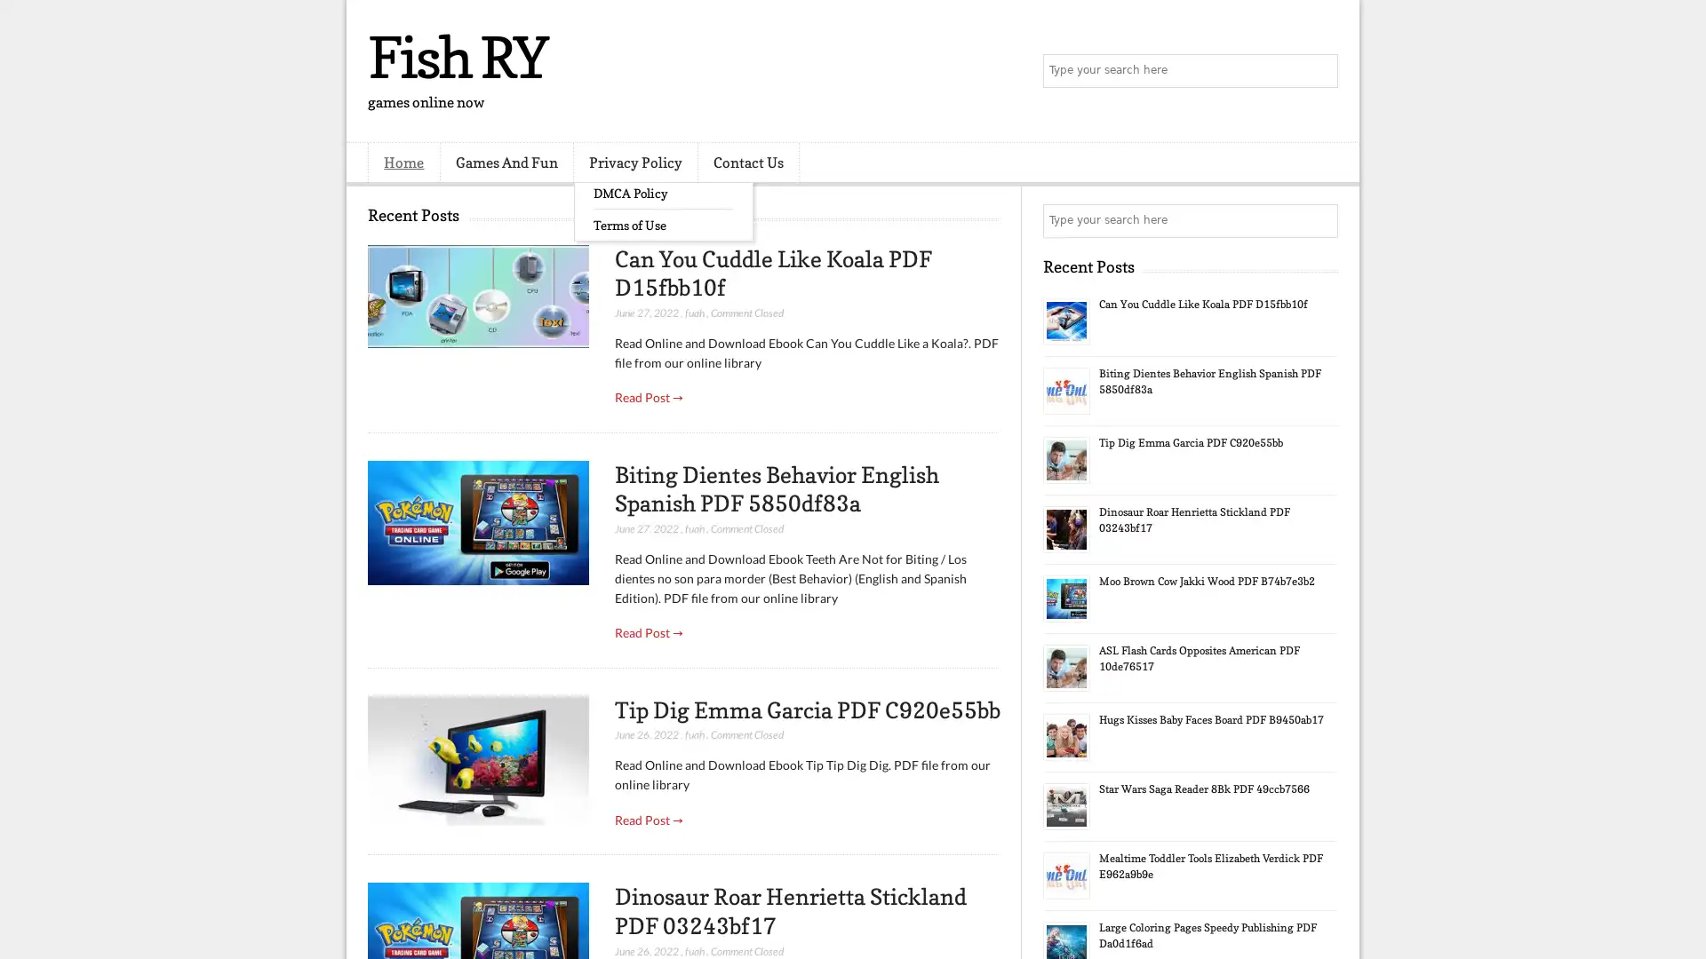 Image resolution: width=1706 pixels, height=959 pixels. Describe the element at coordinates (1319, 71) in the screenshot. I see `Search` at that location.